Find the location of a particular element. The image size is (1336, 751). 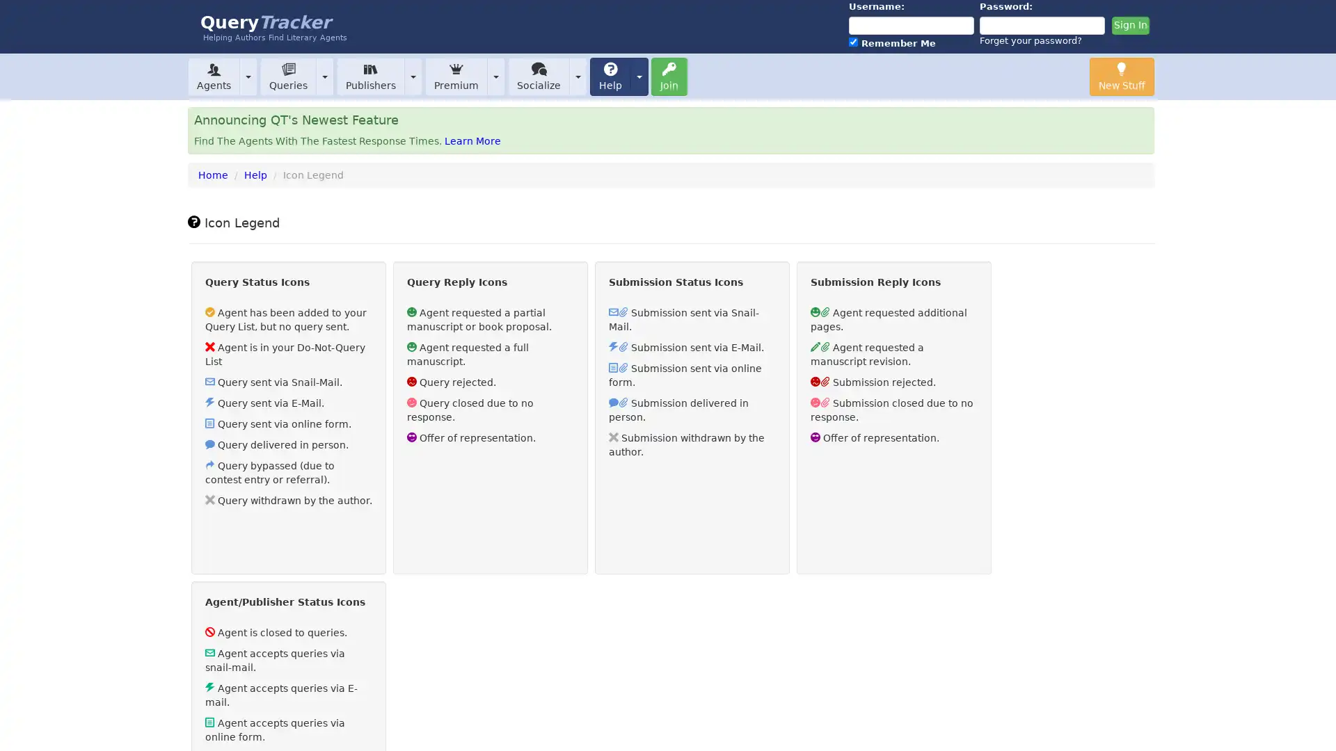

Toggle Dropdown is located at coordinates (638, 76).